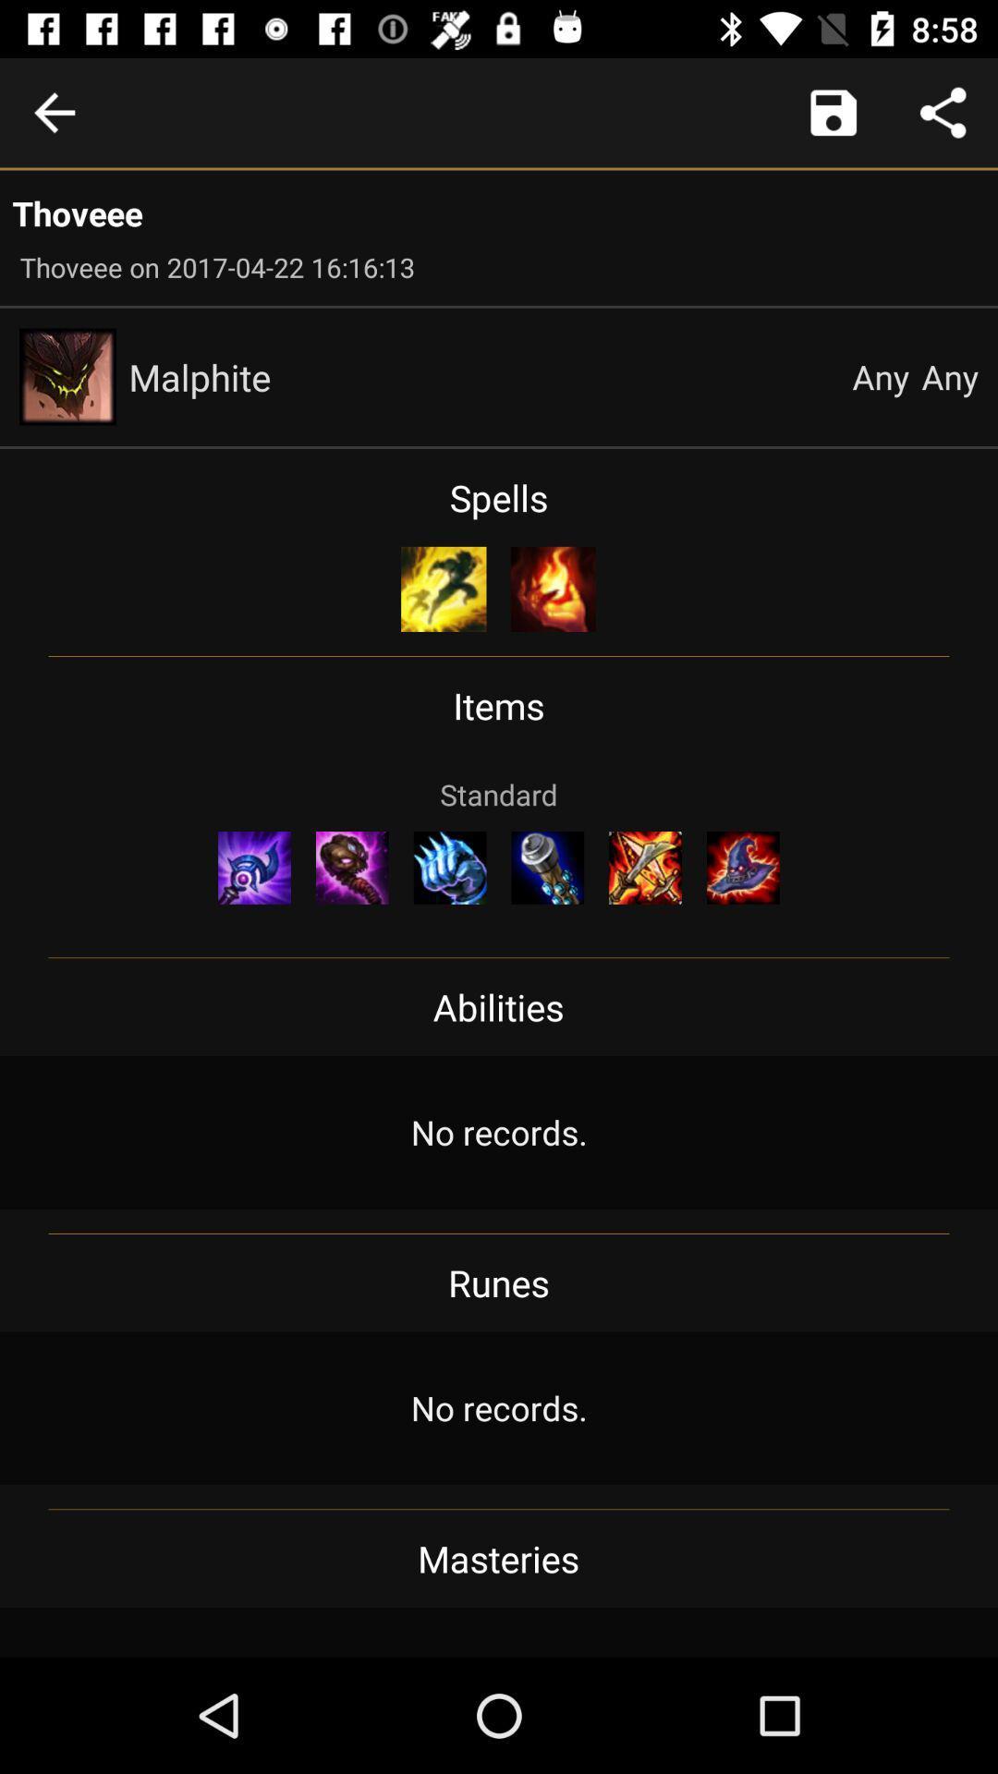  Describe the element at coordinates (834, 112) in the screenshot. I see `launch camera` at that location.